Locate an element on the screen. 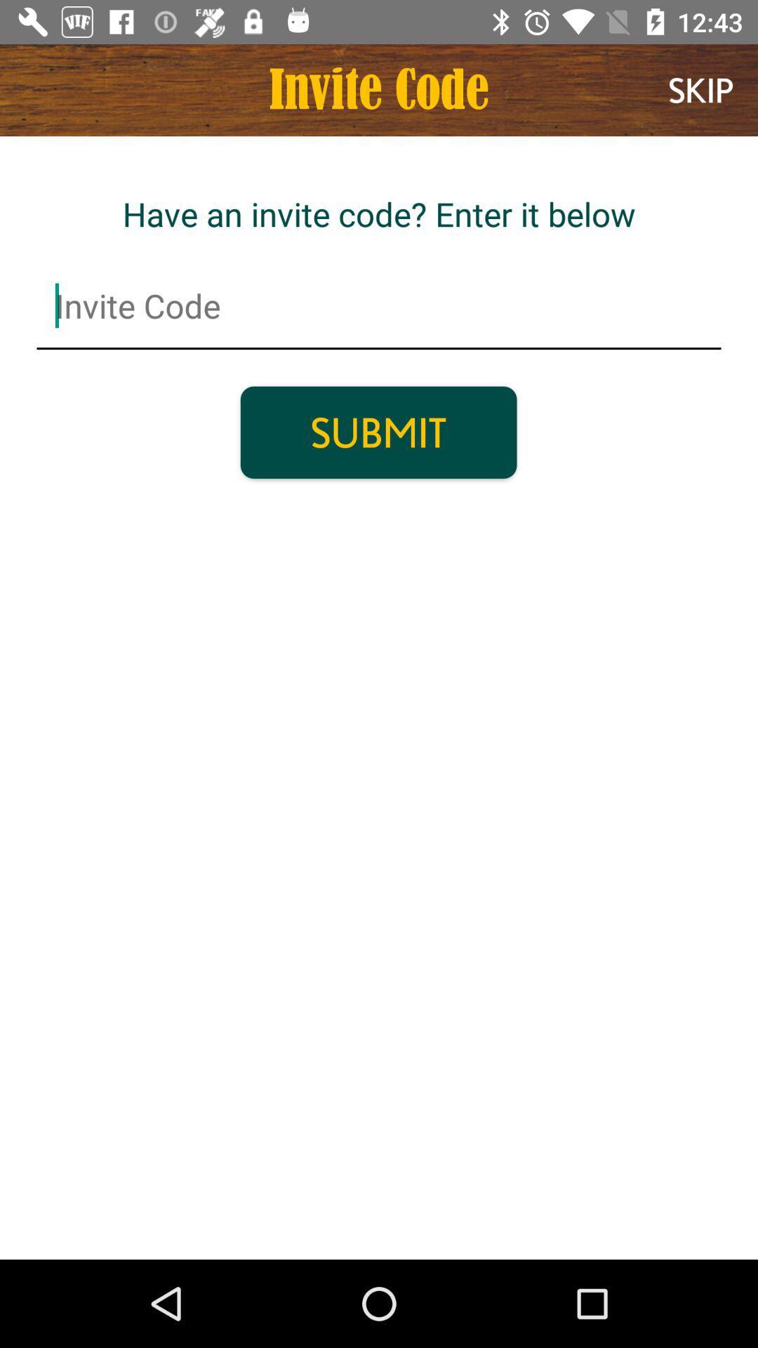  item next to the invite code item is located at coordinates (700, 89).